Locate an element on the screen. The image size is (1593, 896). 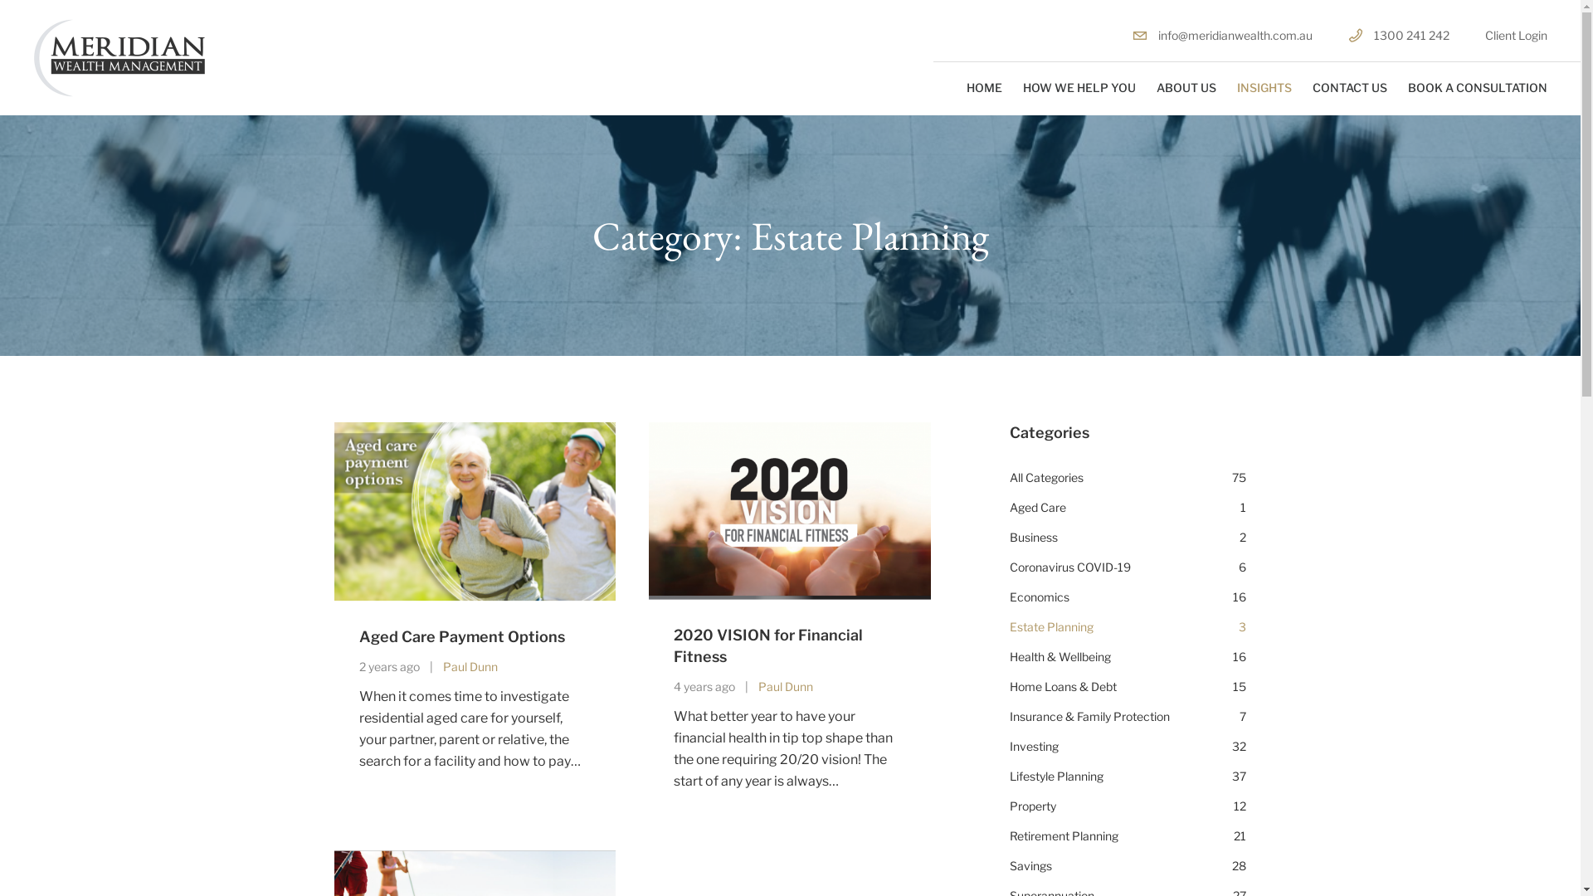
'Client Login' is located at coordinates (1516, 35).